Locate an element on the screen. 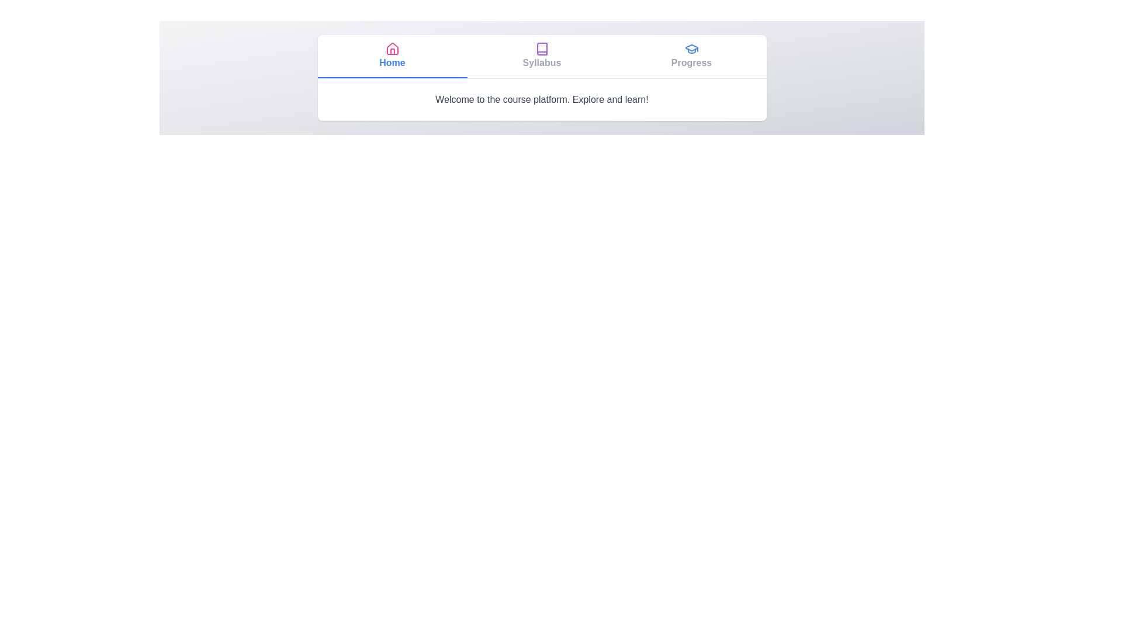 The height and width of the screenshot is (631, 1122). the Syllabus tab by clicking on its button is located at coordinates (541, 56).